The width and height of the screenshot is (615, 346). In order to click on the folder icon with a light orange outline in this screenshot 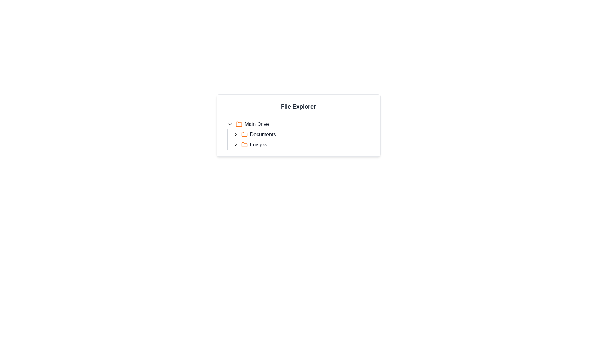, I will do `click(244, 144)`.